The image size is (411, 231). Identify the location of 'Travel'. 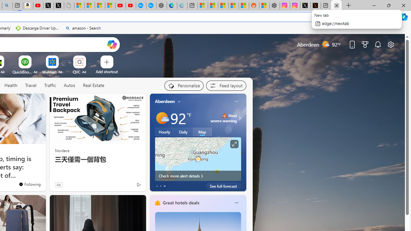
(31, 85).